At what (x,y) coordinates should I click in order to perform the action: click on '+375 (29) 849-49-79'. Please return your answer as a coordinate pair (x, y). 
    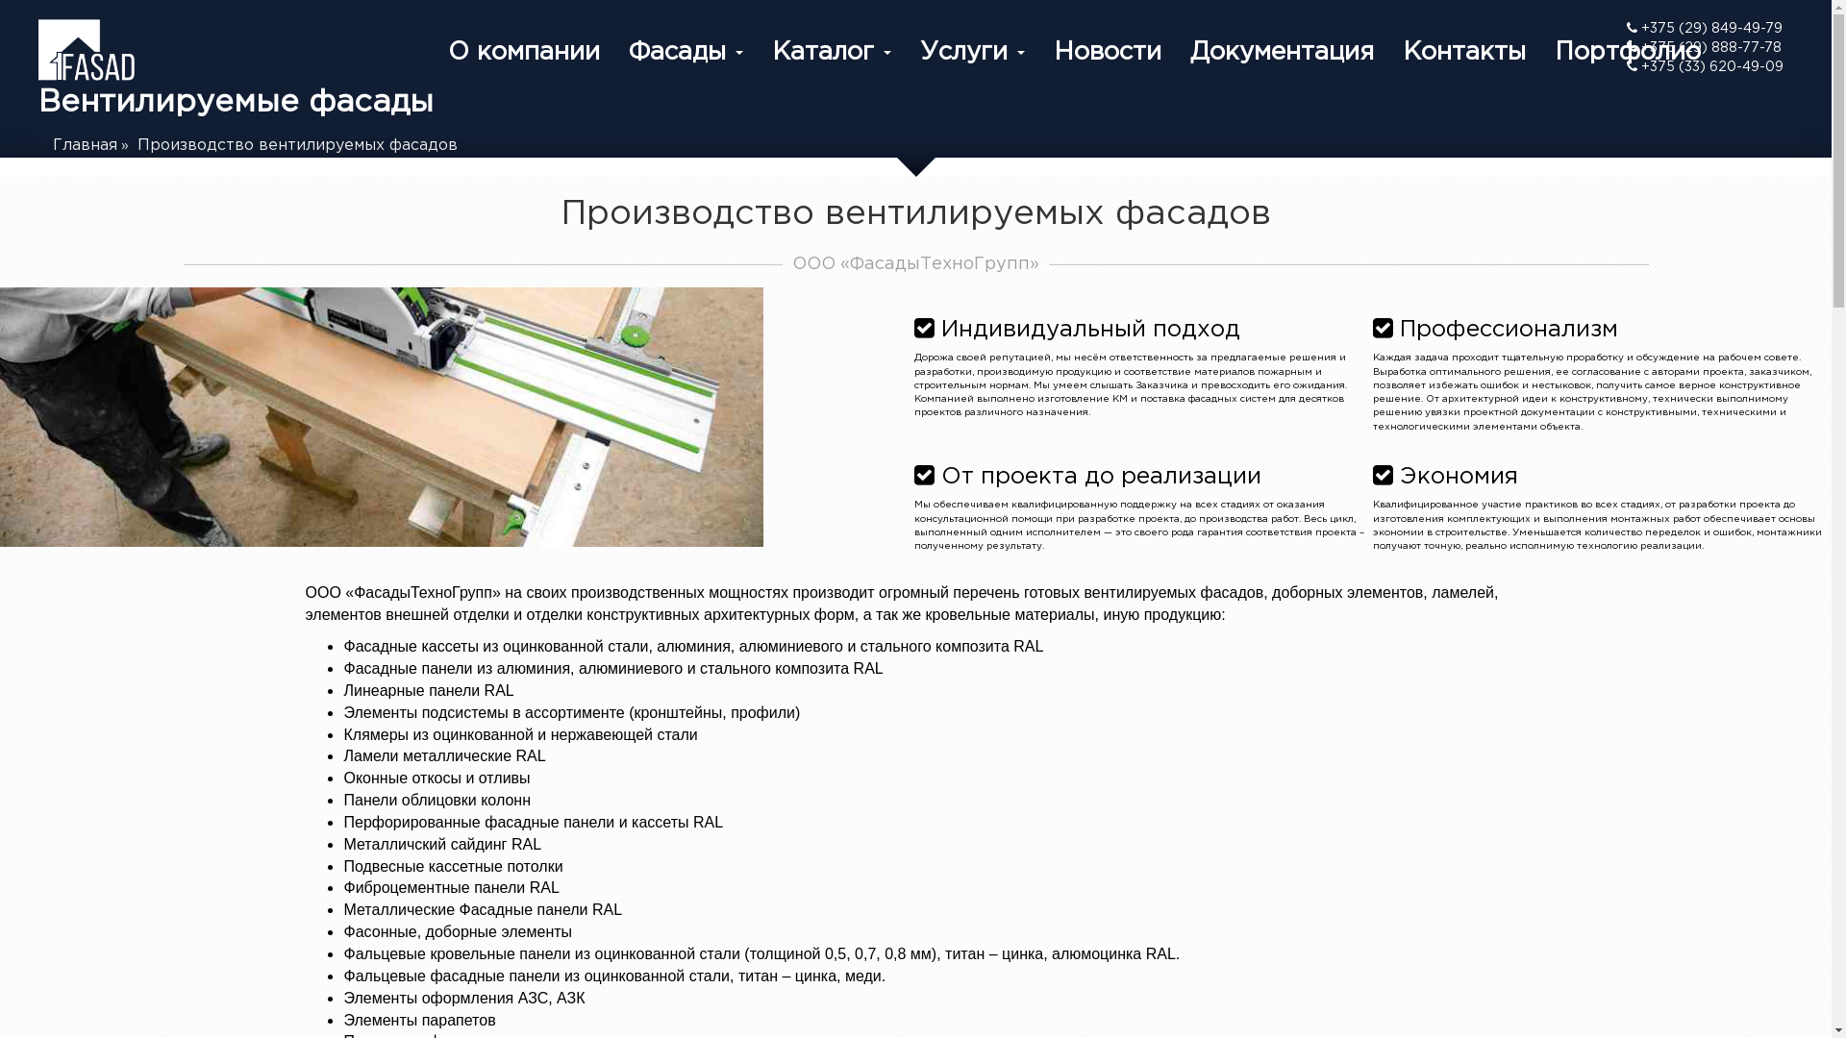
    Looking at the image, I should click on (1705, 29).